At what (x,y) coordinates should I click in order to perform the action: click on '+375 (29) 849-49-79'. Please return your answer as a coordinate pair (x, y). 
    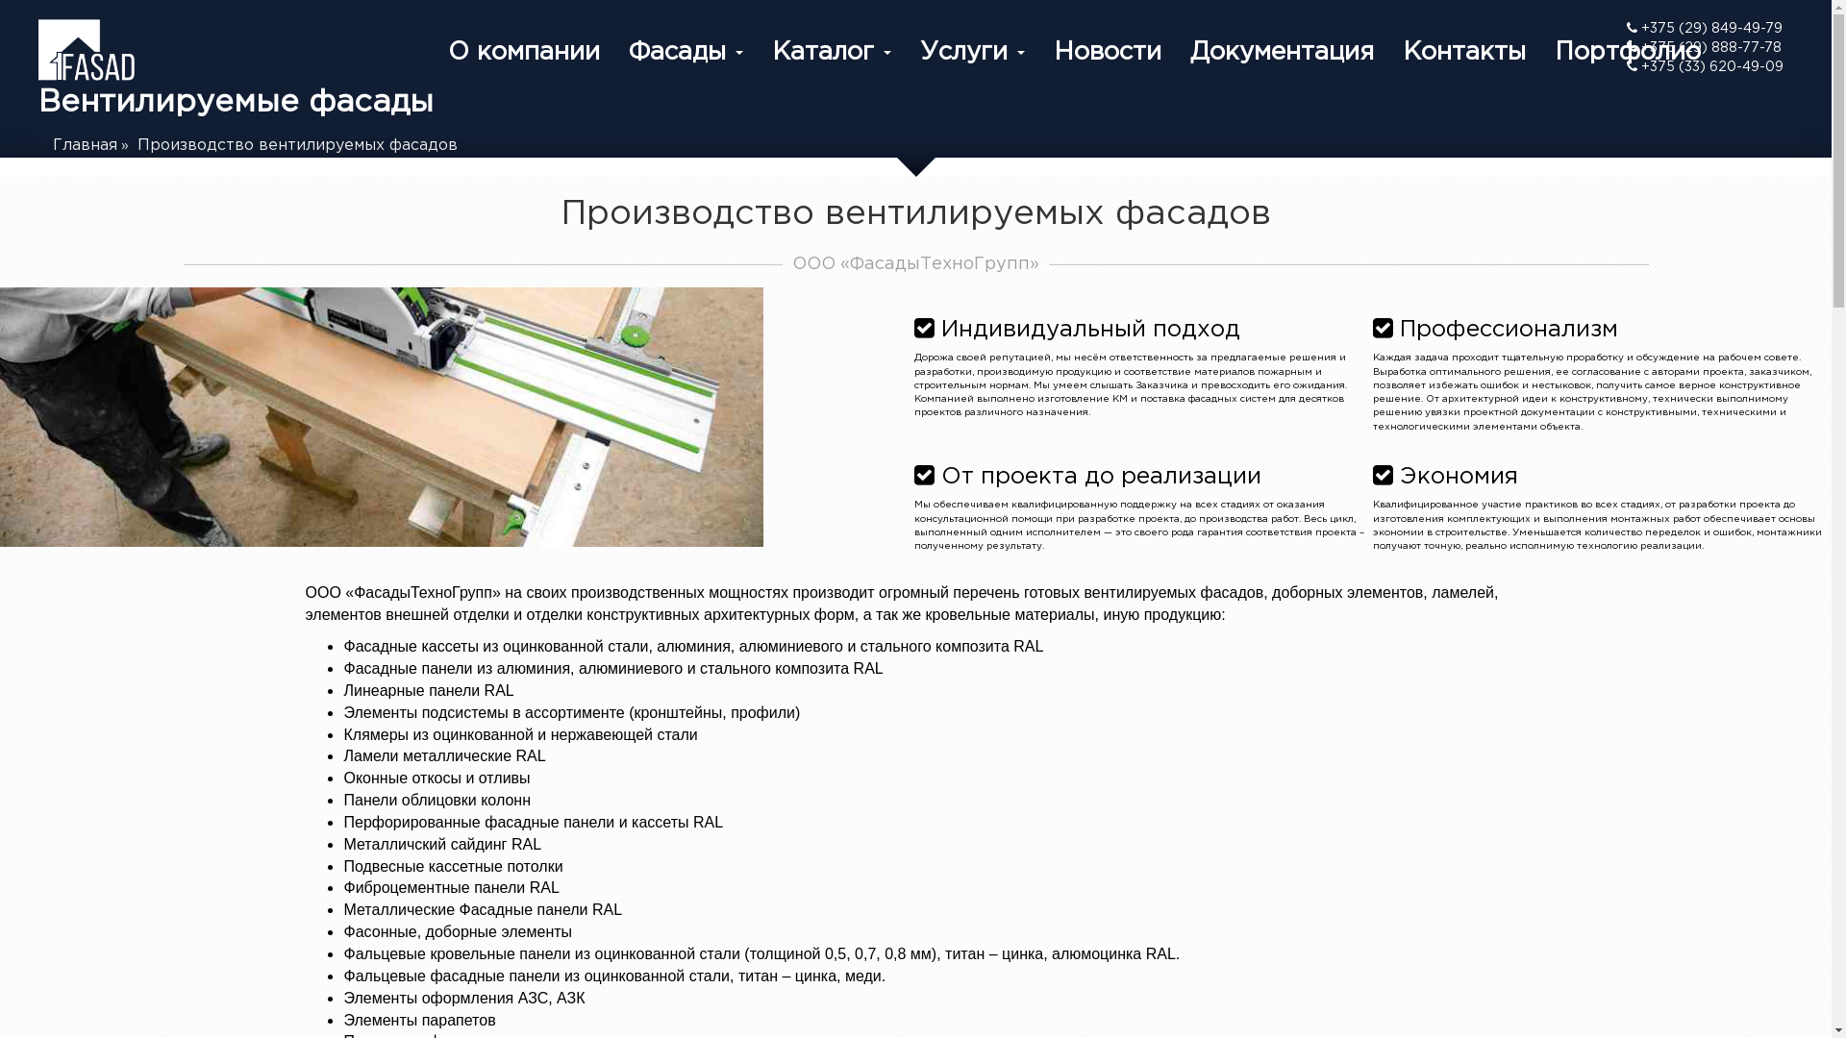
    Looking at the image, I should click on (1705, 29).